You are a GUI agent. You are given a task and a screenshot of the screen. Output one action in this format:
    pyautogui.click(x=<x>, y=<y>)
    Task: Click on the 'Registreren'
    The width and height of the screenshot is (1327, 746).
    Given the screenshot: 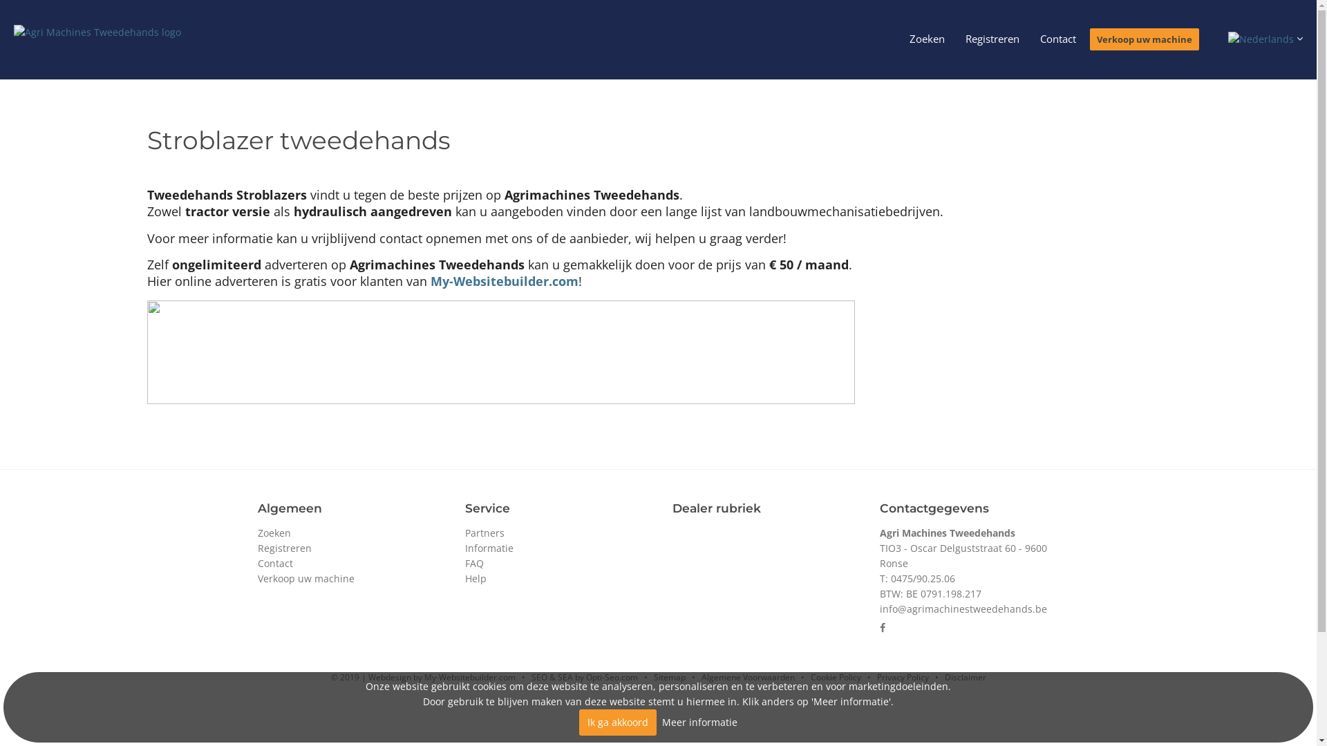 What is the action you would take?
    pyautogui.click(x=991, y=39)
    